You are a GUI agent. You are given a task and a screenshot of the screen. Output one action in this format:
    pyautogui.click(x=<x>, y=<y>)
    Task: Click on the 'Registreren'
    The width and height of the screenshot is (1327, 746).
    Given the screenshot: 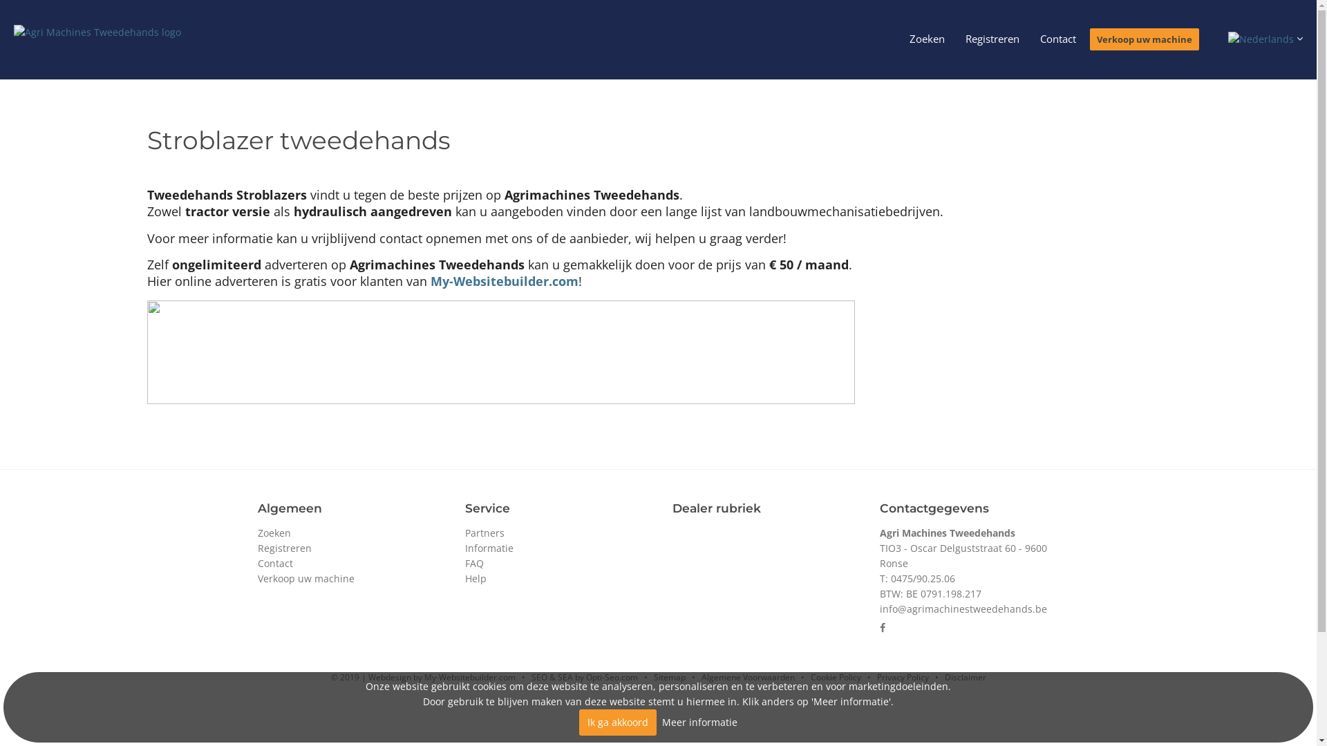 What is the action you would take?
    pyautogui.click(x=991, y=39)
    